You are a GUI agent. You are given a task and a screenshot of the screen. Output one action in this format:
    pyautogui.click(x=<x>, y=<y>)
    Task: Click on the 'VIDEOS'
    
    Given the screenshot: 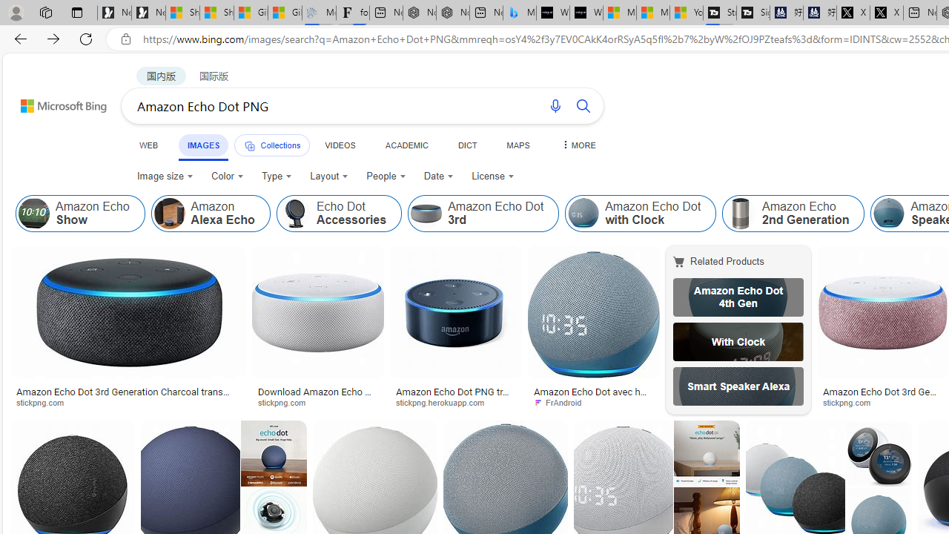 What is the action you would take?
    pyautogui.click(x=339, y=145)
    